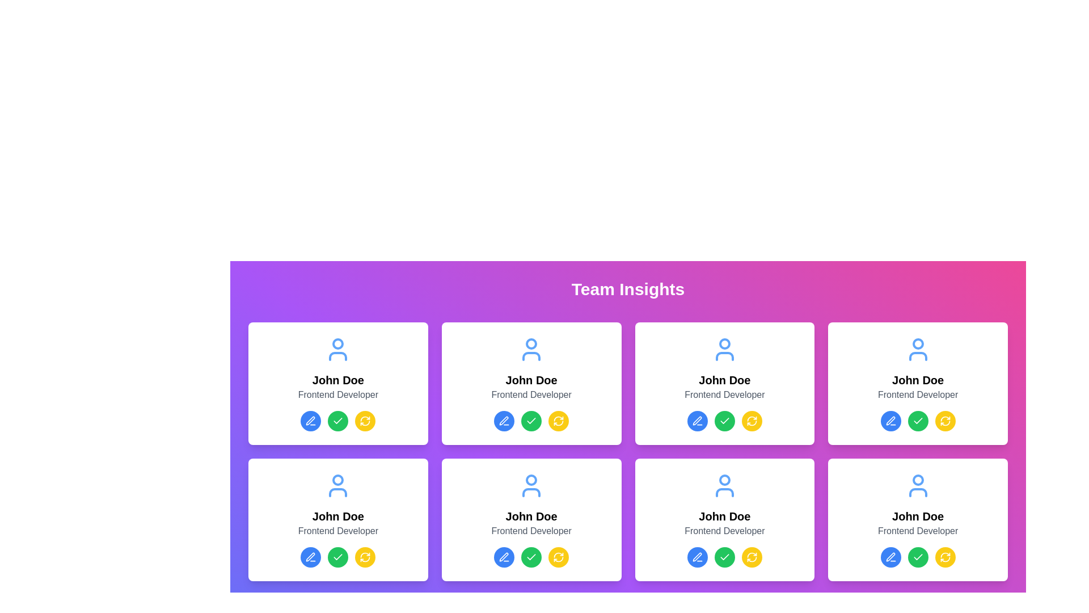  Describe the element at coordinates (752, 557) in the screenshot. I see `the circular yellow icon button with a refresh symbol in the last card of the grid layout` at that location.